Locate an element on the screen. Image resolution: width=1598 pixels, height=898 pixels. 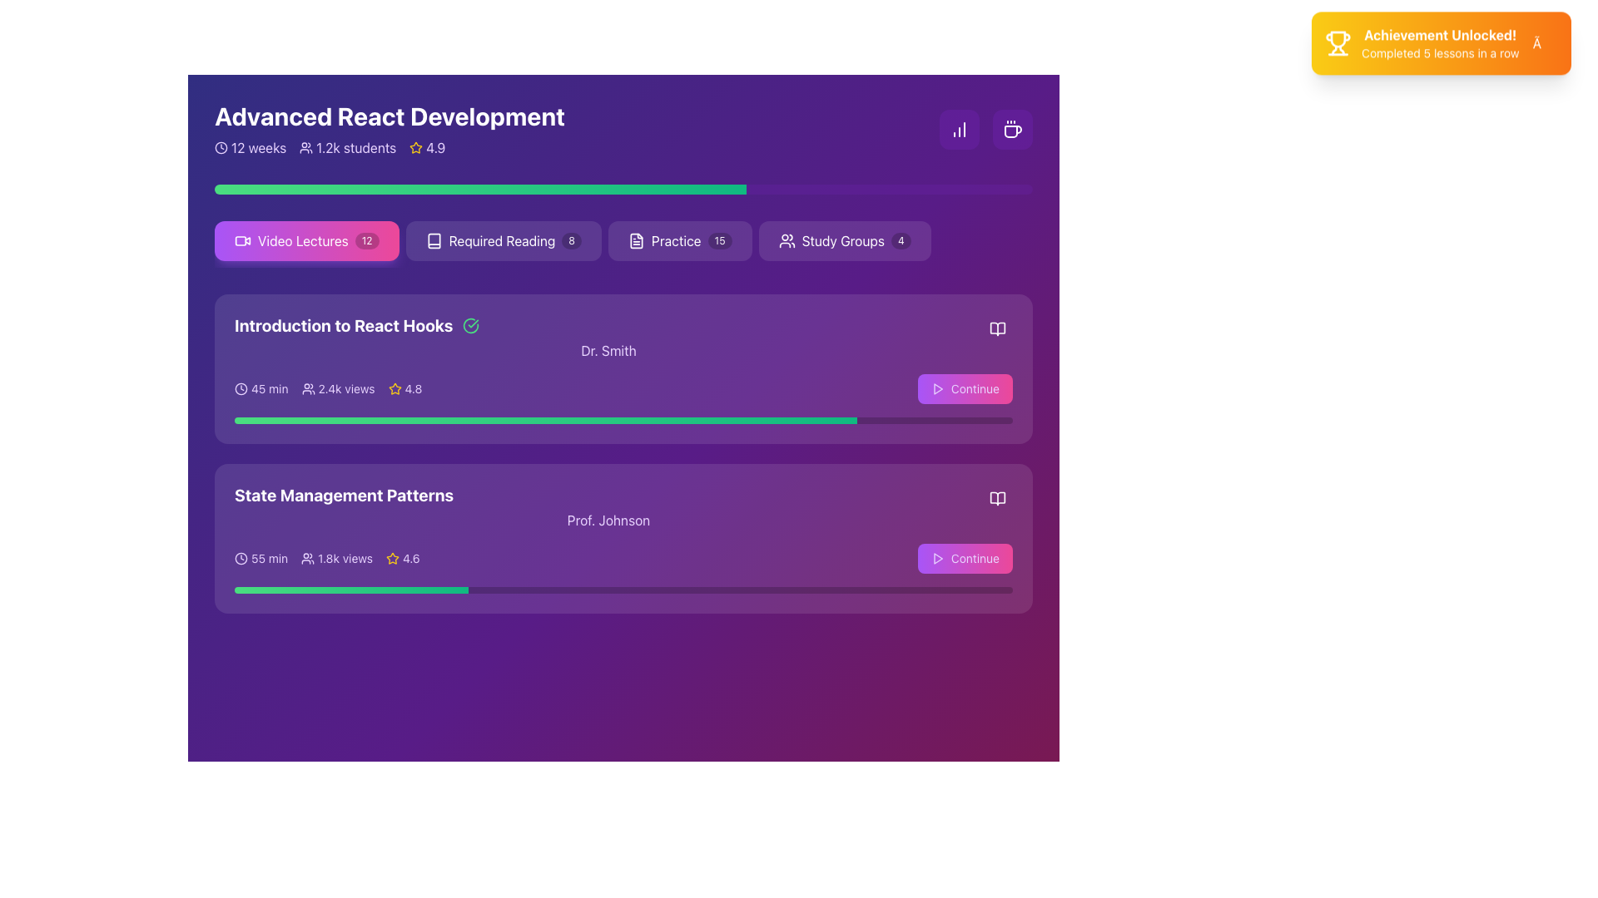
the 'Continue' button located at the bottom-right corner of the 'Introduction to React Hooks' card, which features a gradient from purple to pink and has a white play icon is located at coordinates (964, 388).